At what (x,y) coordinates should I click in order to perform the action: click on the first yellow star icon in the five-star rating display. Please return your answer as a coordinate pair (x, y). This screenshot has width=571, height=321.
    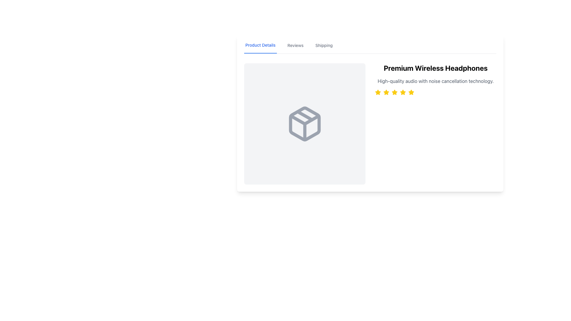
    Looking at the image, I should click on (378, 92).